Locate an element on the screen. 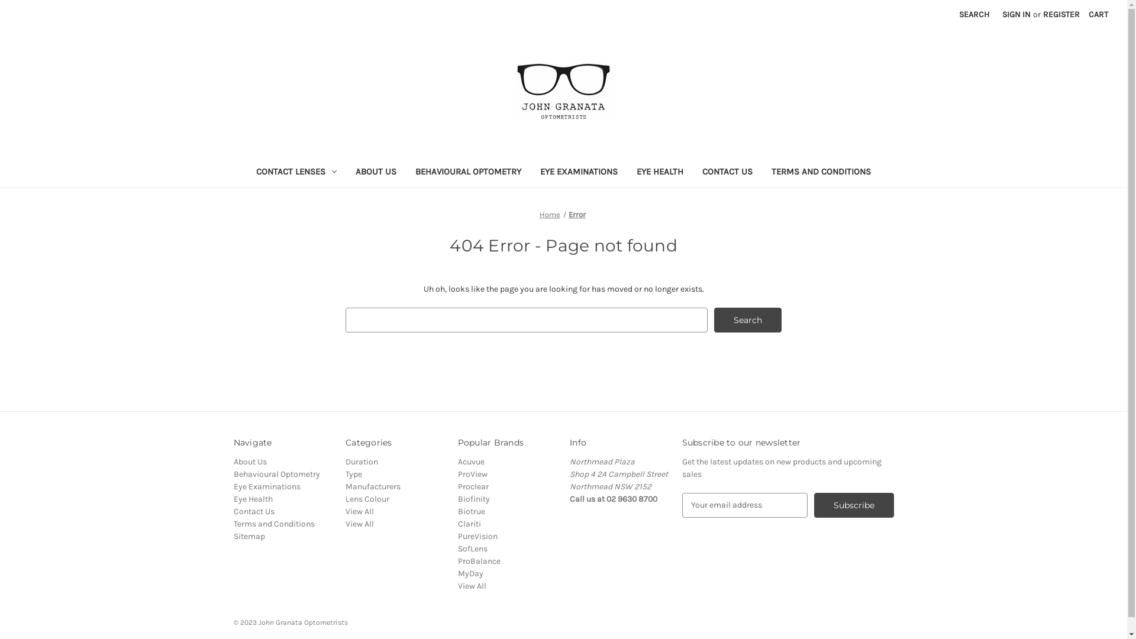  'ABOUT US' is located at coordinates (346, 173).